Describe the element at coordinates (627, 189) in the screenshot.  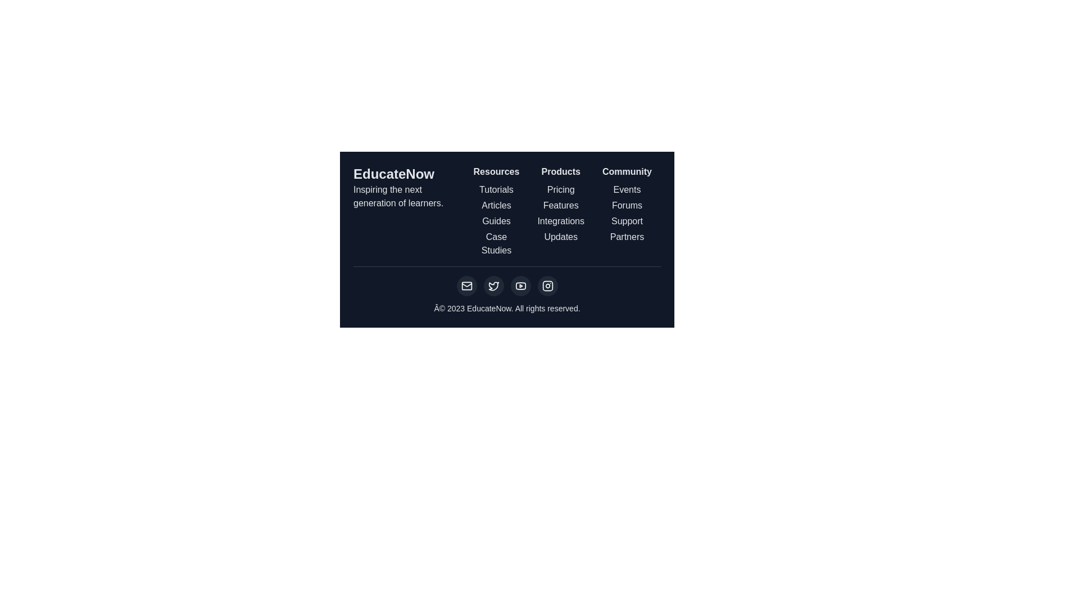
I see `the first text label in the 'Community' section of the footer` at that location.